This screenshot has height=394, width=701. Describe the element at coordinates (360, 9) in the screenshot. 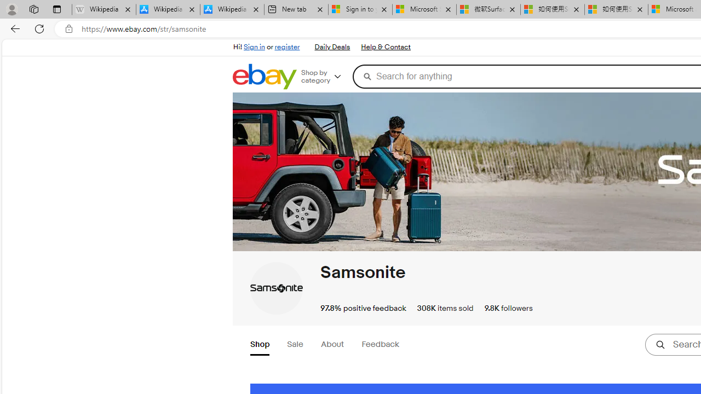

I see `'Sign in to your Microsoft account'` at that location.